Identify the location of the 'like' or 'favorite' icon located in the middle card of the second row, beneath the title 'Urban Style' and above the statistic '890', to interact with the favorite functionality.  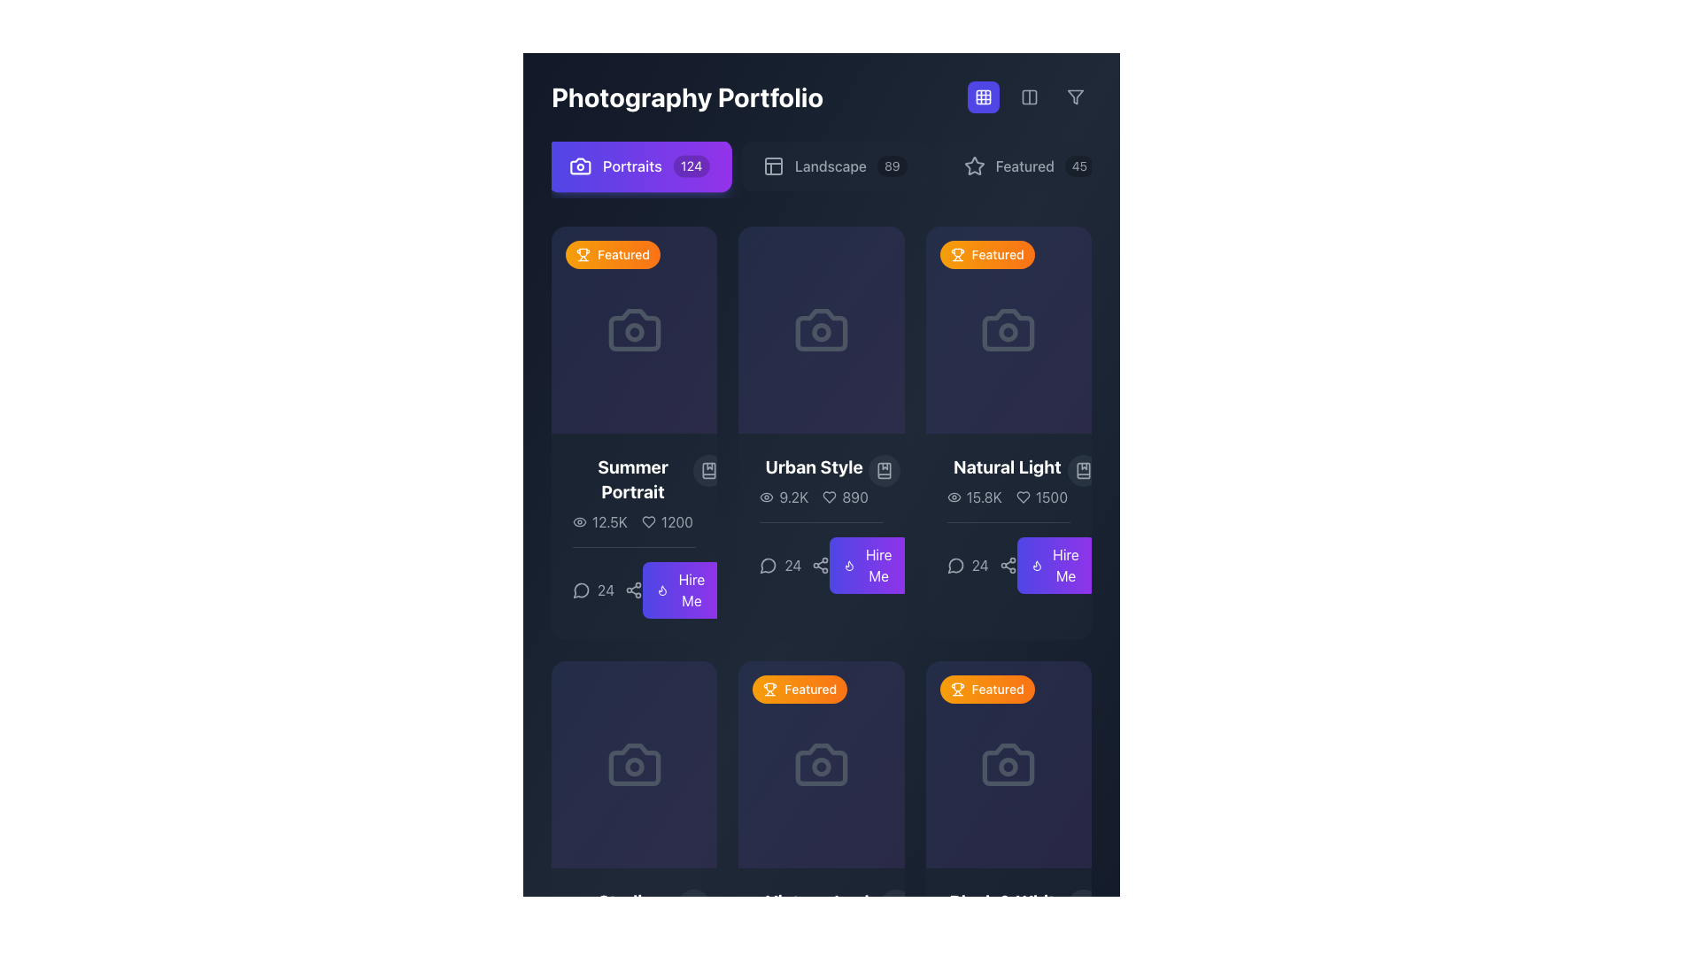
(829, 497).